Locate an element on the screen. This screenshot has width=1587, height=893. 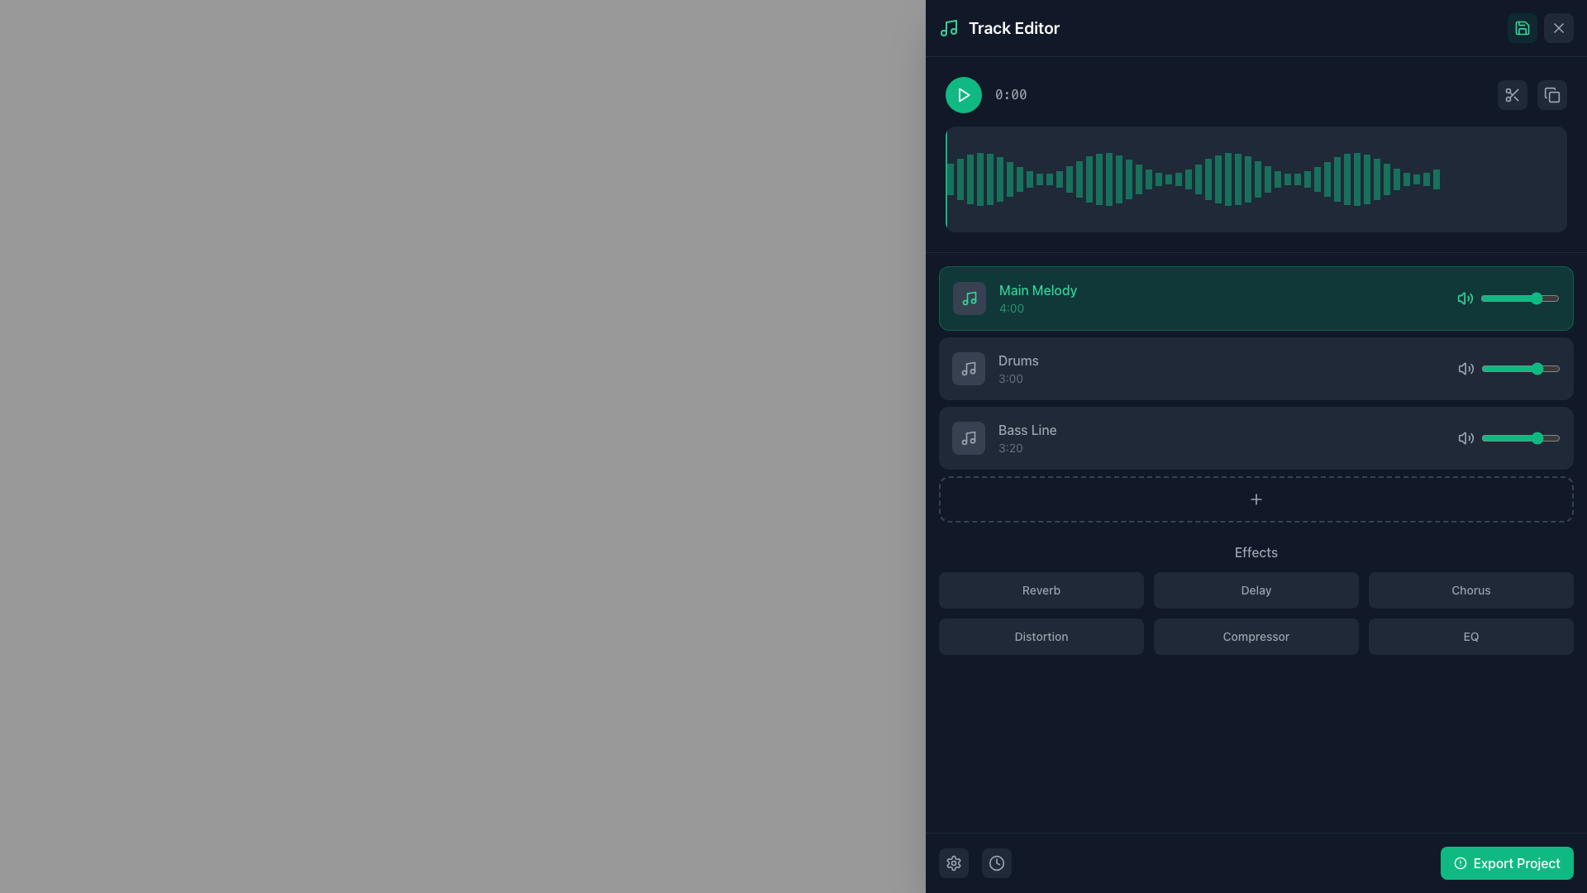
the 'Close' button icon located in the top-right corner of the interface to possibly display a tooltip is located at coordinates (1558, 28).